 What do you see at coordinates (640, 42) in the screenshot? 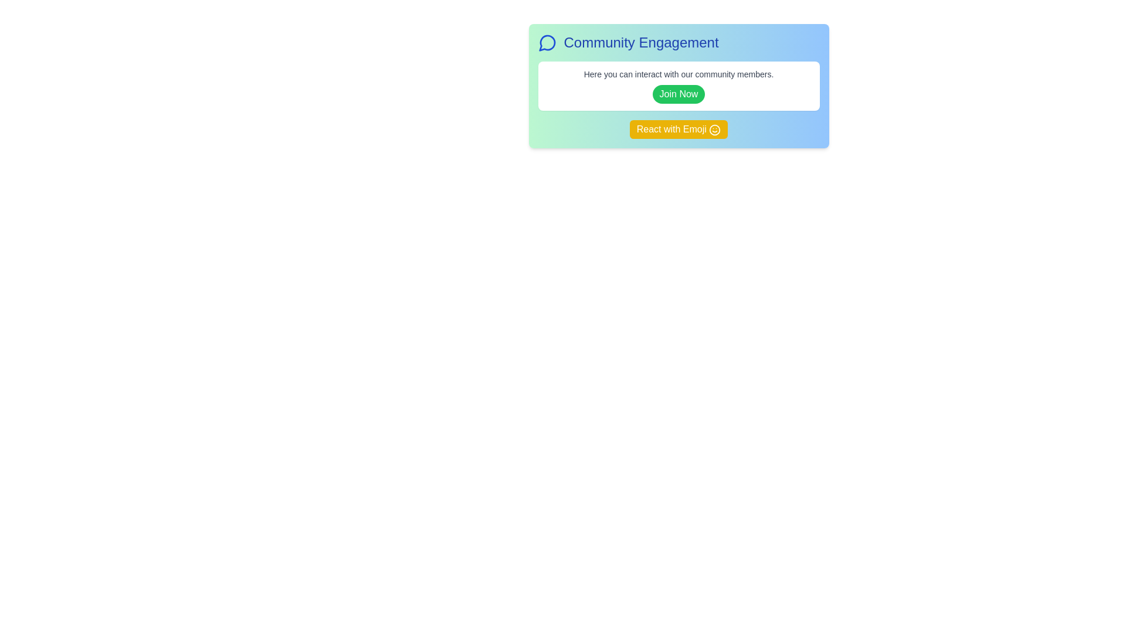
I see `the text label displaying 'Community Engagement', which is a prominent heading styled in large bold dark blue font located at the top section of the panel` at bounding box center [640, 42].